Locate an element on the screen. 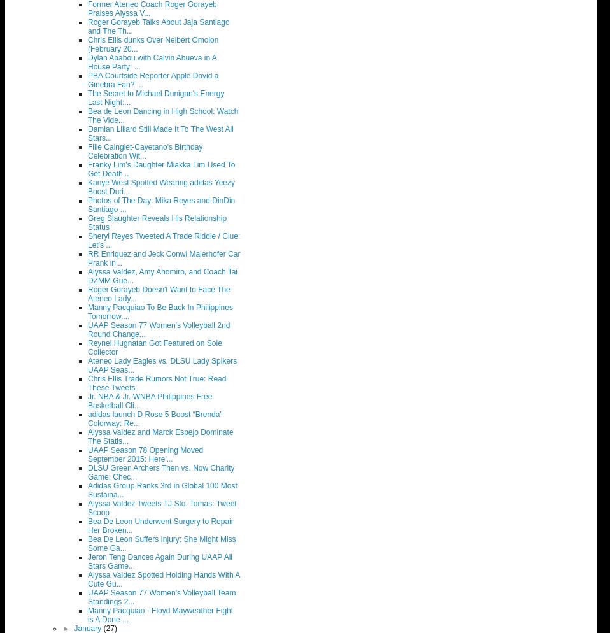 The width and height of the screenshot is (610, 633). 'Greg Slaughter Reveals His Relationship Status' is located at coordinates (88, 222).